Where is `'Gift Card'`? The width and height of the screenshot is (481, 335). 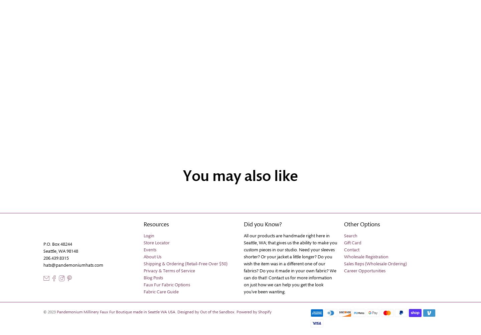
'Gift Card' is located at coordinates (352, 243).